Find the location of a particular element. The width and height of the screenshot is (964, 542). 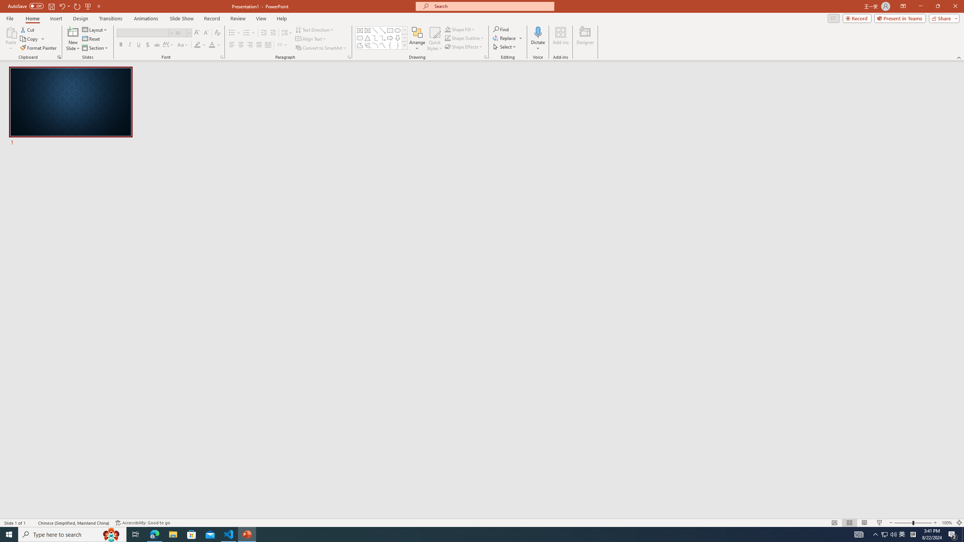

'Quick Styles' is located at coordinates (434, 39).